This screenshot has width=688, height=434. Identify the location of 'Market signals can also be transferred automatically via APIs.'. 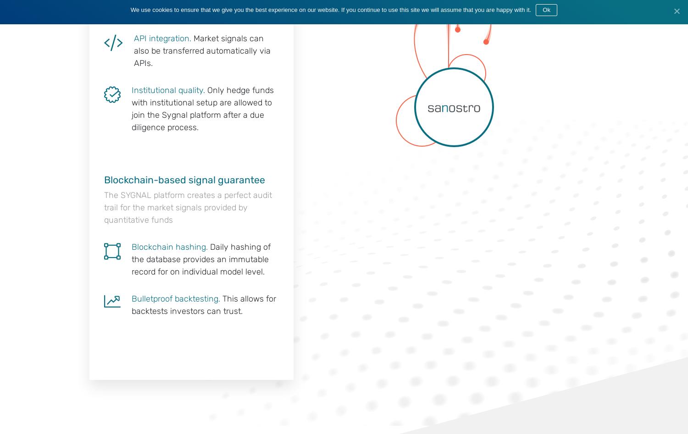
(202, 50).